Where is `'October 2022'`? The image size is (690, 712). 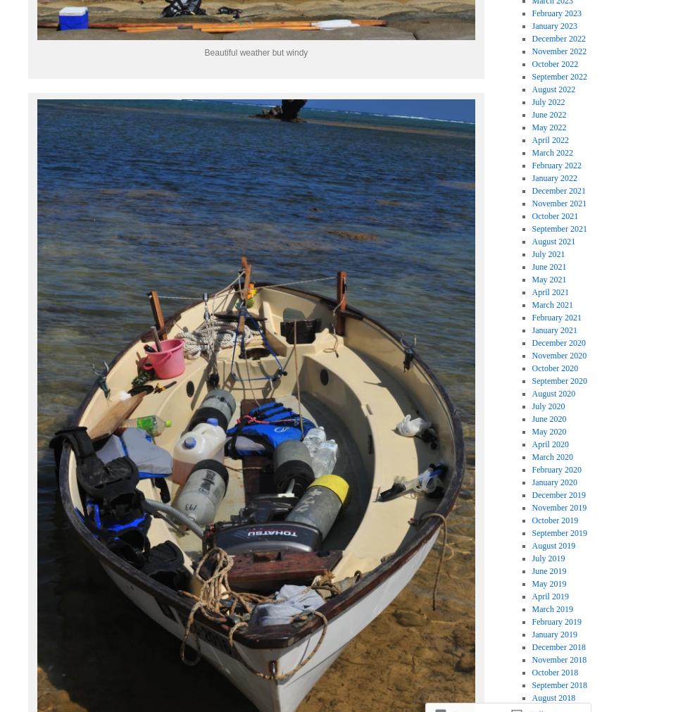 'October 2022' is located at coordinates (531, 62).